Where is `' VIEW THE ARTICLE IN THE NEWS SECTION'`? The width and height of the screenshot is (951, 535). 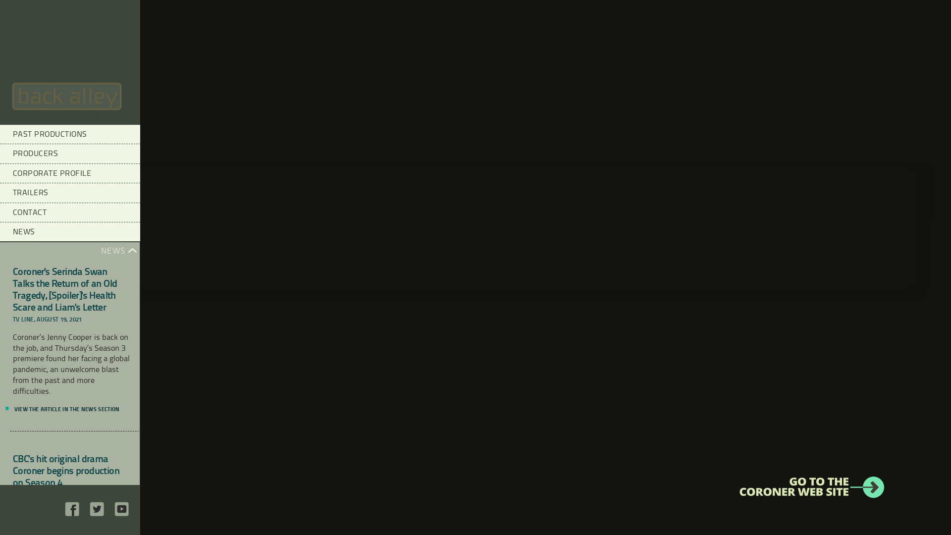 ' VIEW THE ARTICLE IN THE NEWS SECTION' is located at coordinates (65, 409).